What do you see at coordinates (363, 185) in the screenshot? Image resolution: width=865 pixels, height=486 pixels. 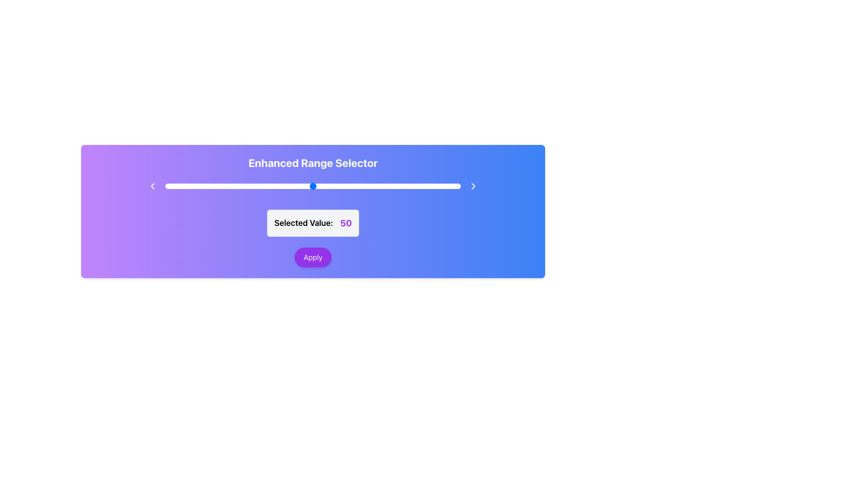 I see `the slider` at bounding box center [363, 185].